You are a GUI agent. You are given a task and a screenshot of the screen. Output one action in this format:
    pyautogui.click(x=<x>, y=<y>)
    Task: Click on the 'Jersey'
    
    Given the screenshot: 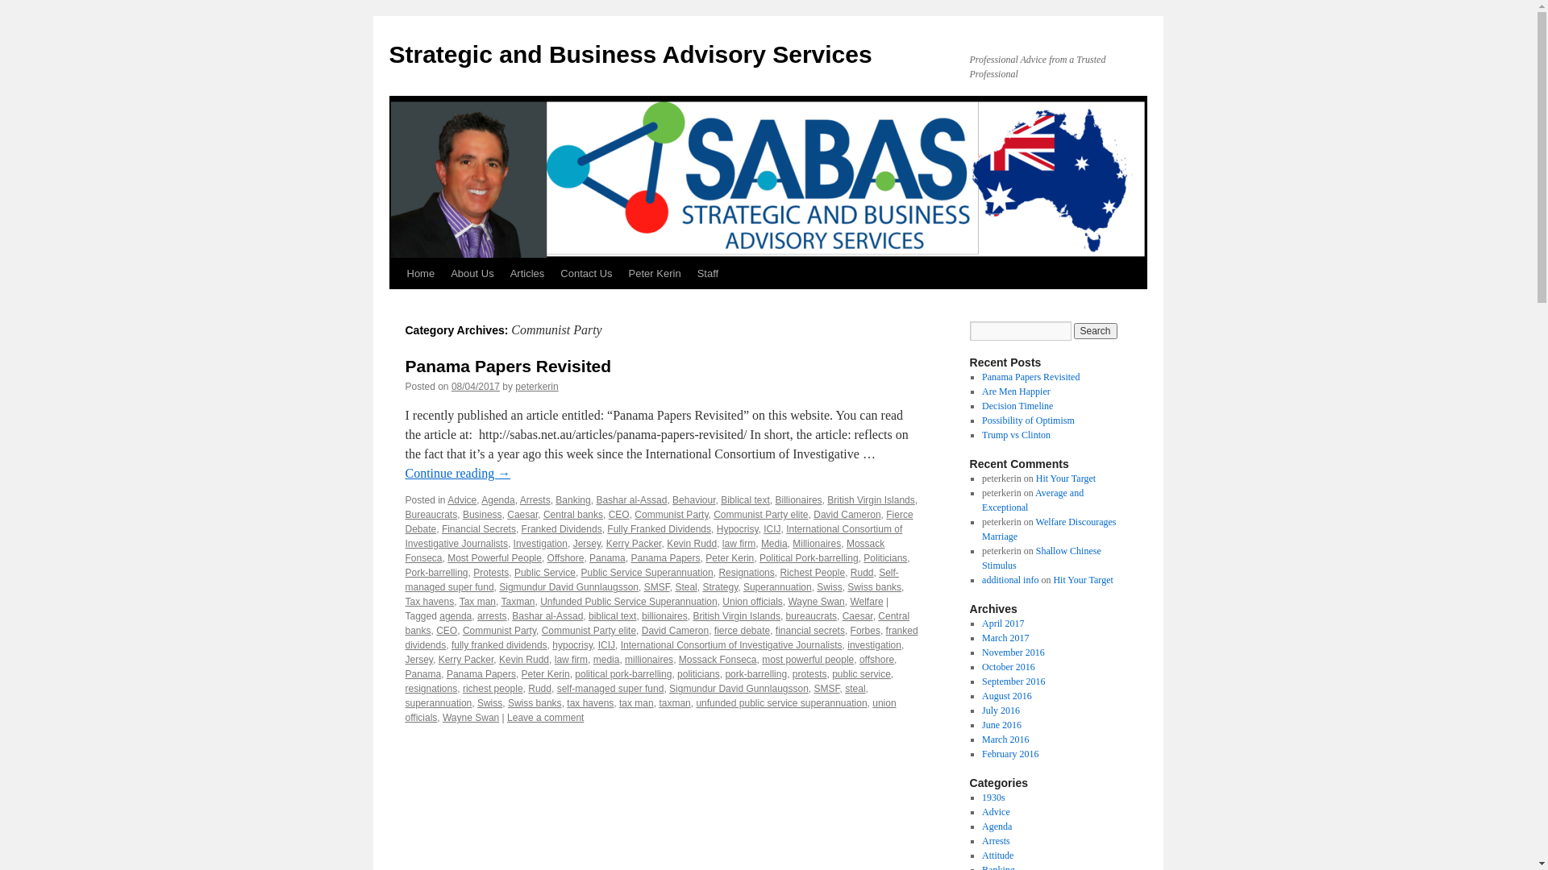 What is the action you would take?
    pyautogui.click(x=405, y=659)
    